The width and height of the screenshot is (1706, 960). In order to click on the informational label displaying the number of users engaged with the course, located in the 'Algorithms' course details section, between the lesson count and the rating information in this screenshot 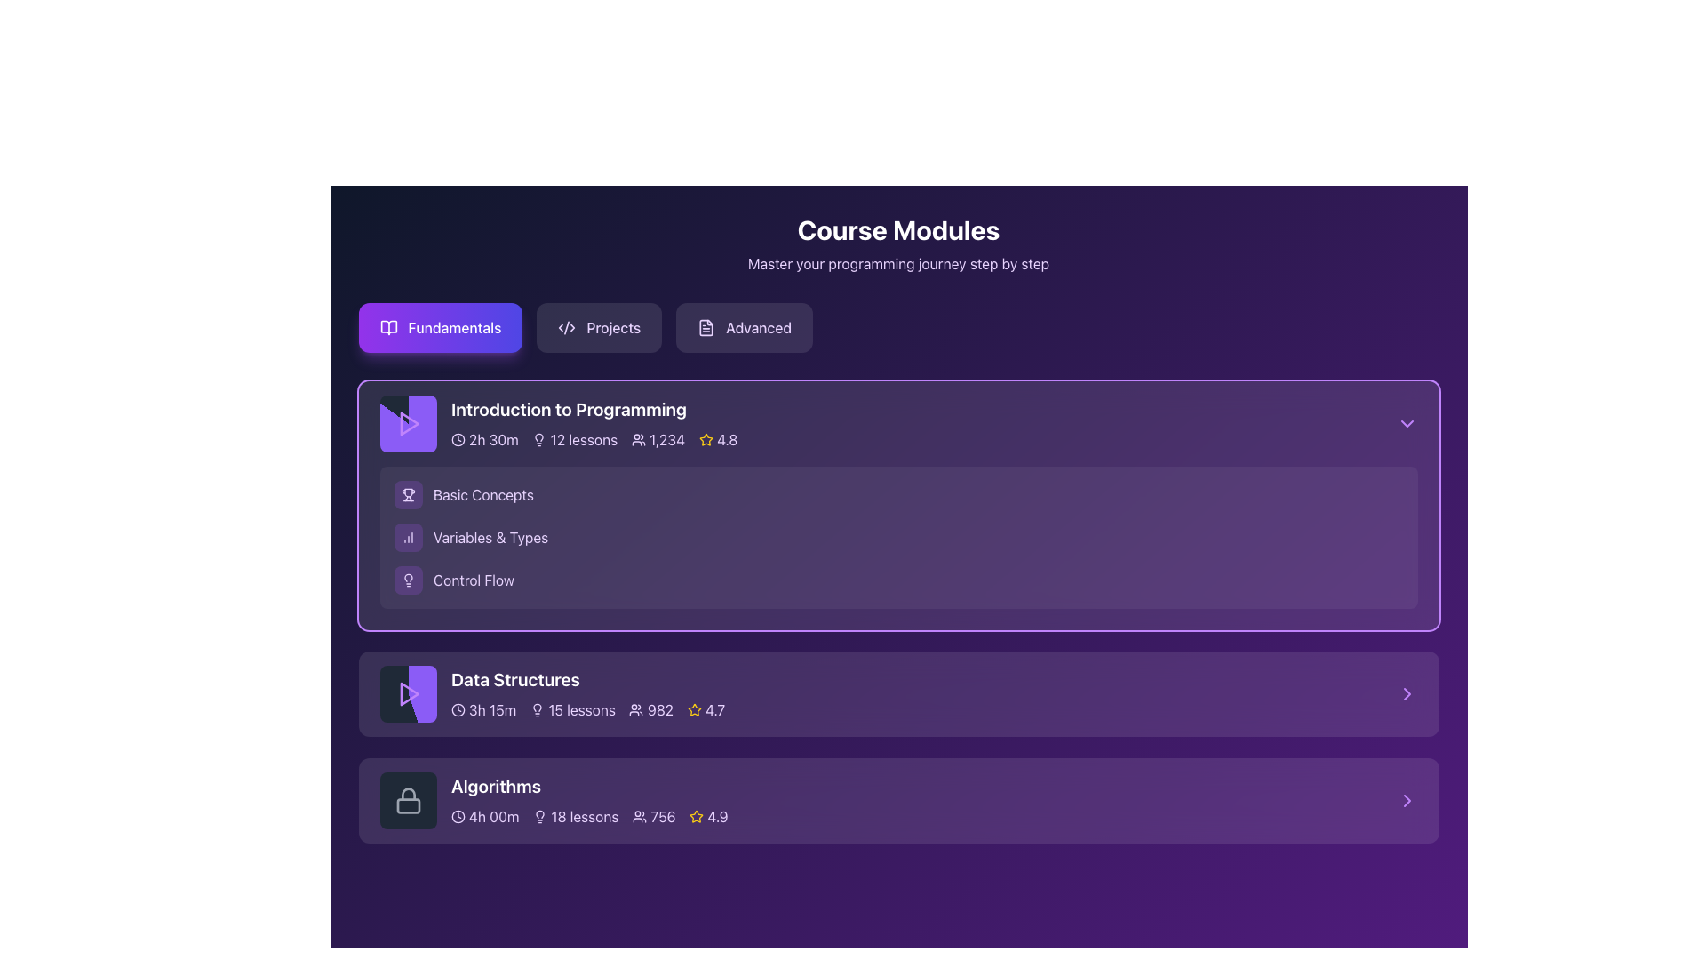, I will do `click(652, 816)`.